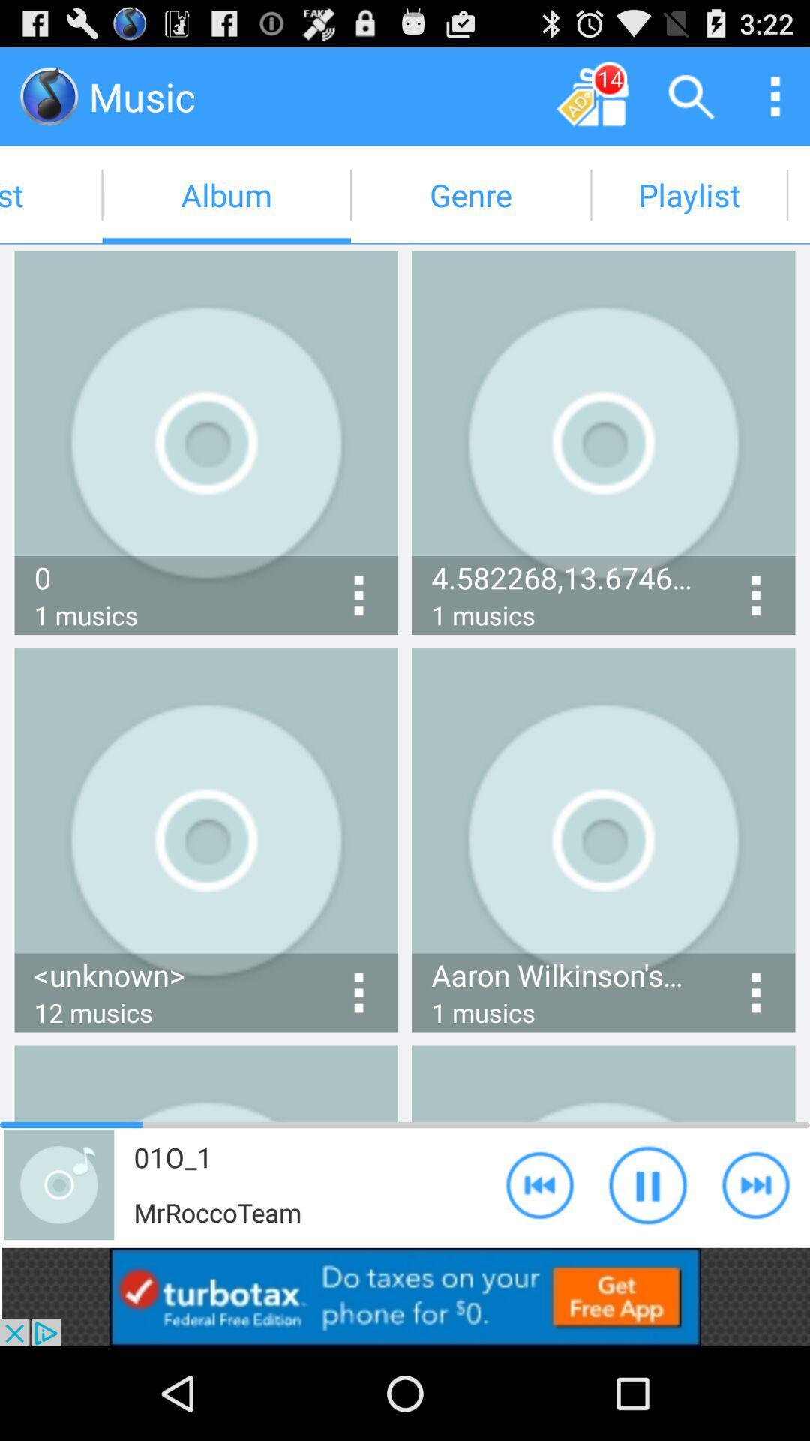 Image resolution: width=810 pixels, height=1441 pixels. I want to click on search, so click(691, 95).